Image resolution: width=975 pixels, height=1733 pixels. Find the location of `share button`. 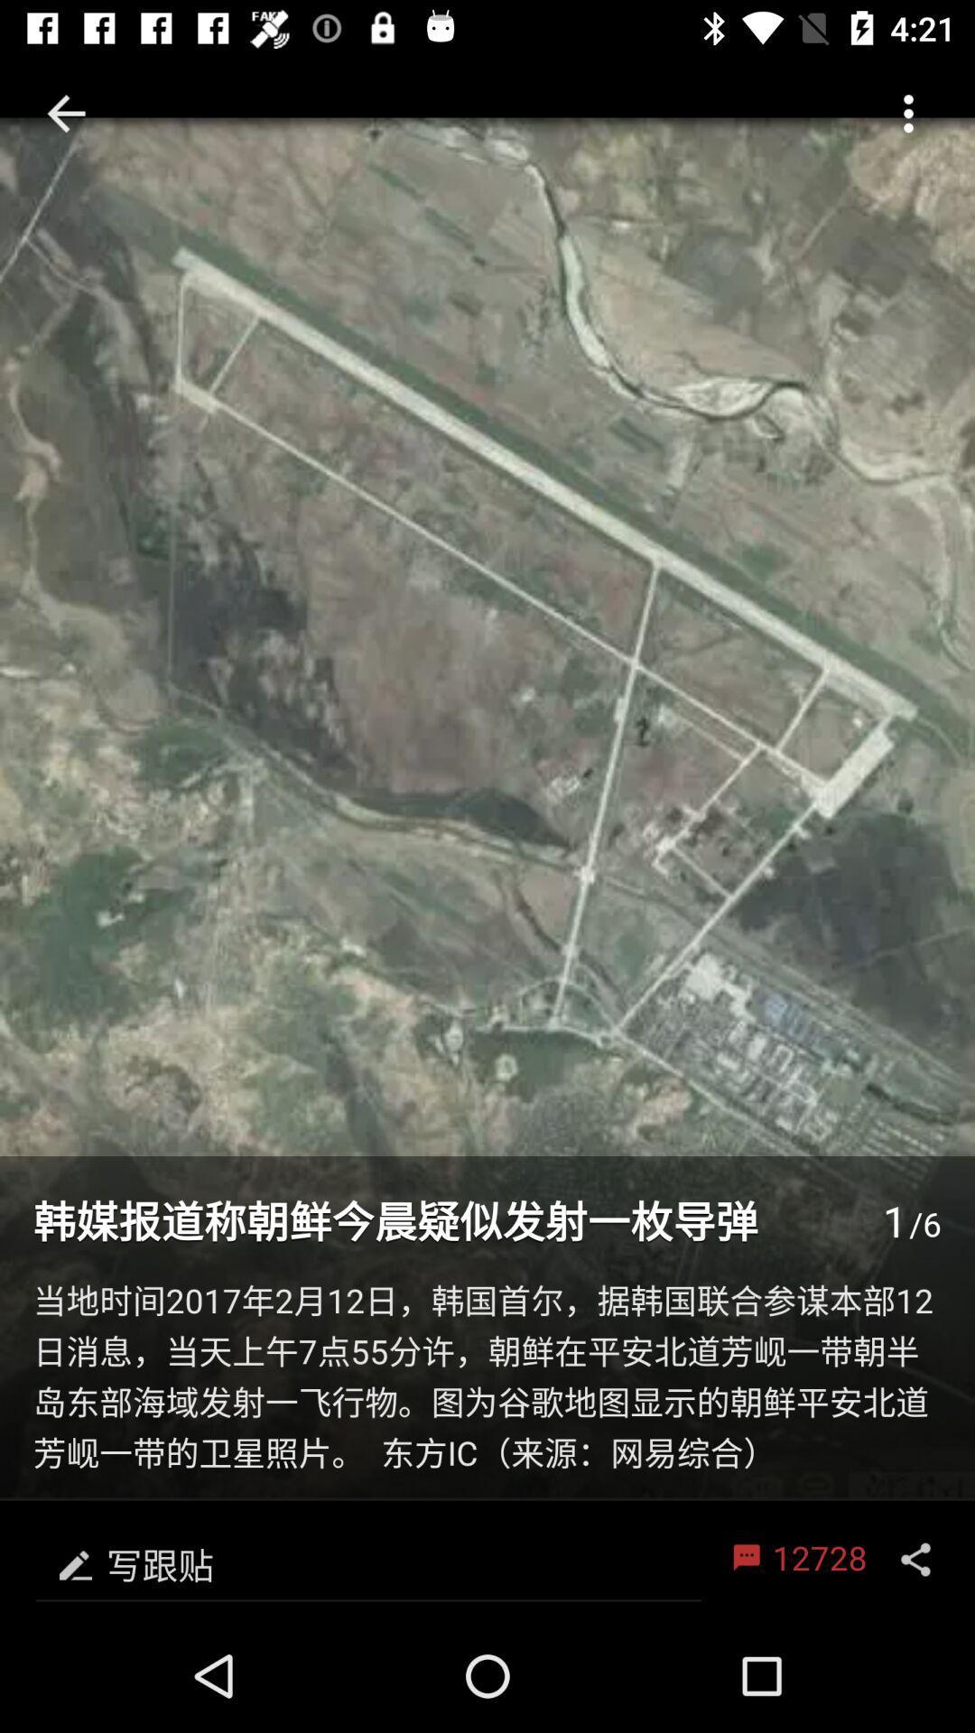

share button is located at coordinates (915, 1559).